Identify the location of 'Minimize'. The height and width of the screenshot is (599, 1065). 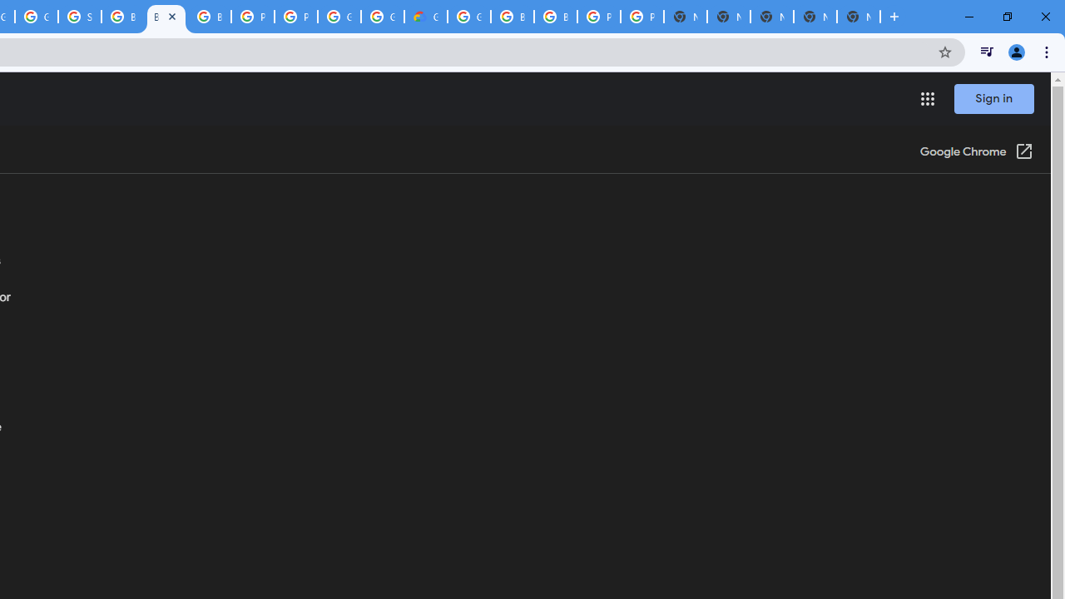
(969, 17).